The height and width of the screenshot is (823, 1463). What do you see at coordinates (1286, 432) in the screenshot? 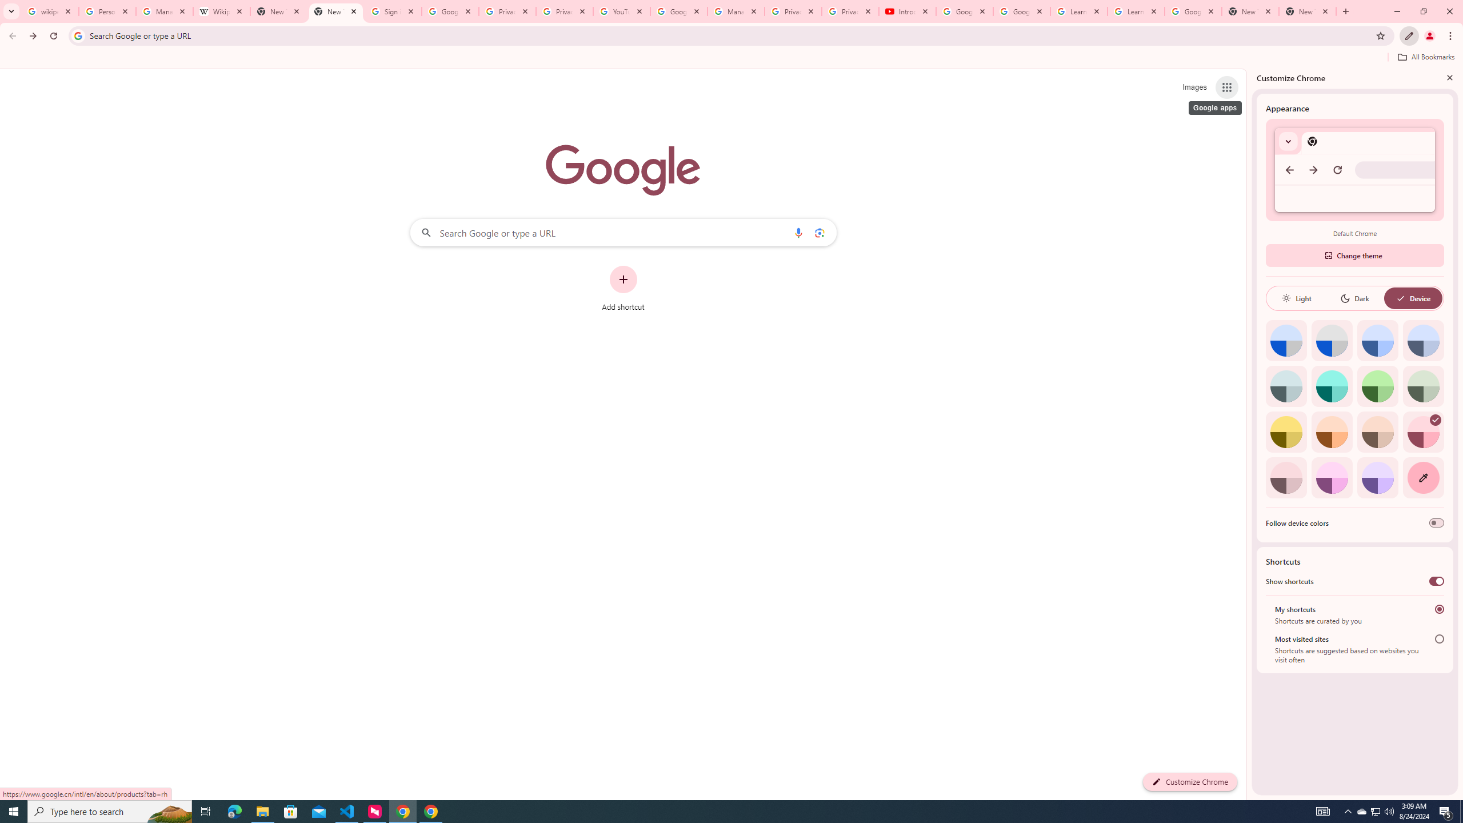
I see `'Citron'` at bounding box center [1286, 432].